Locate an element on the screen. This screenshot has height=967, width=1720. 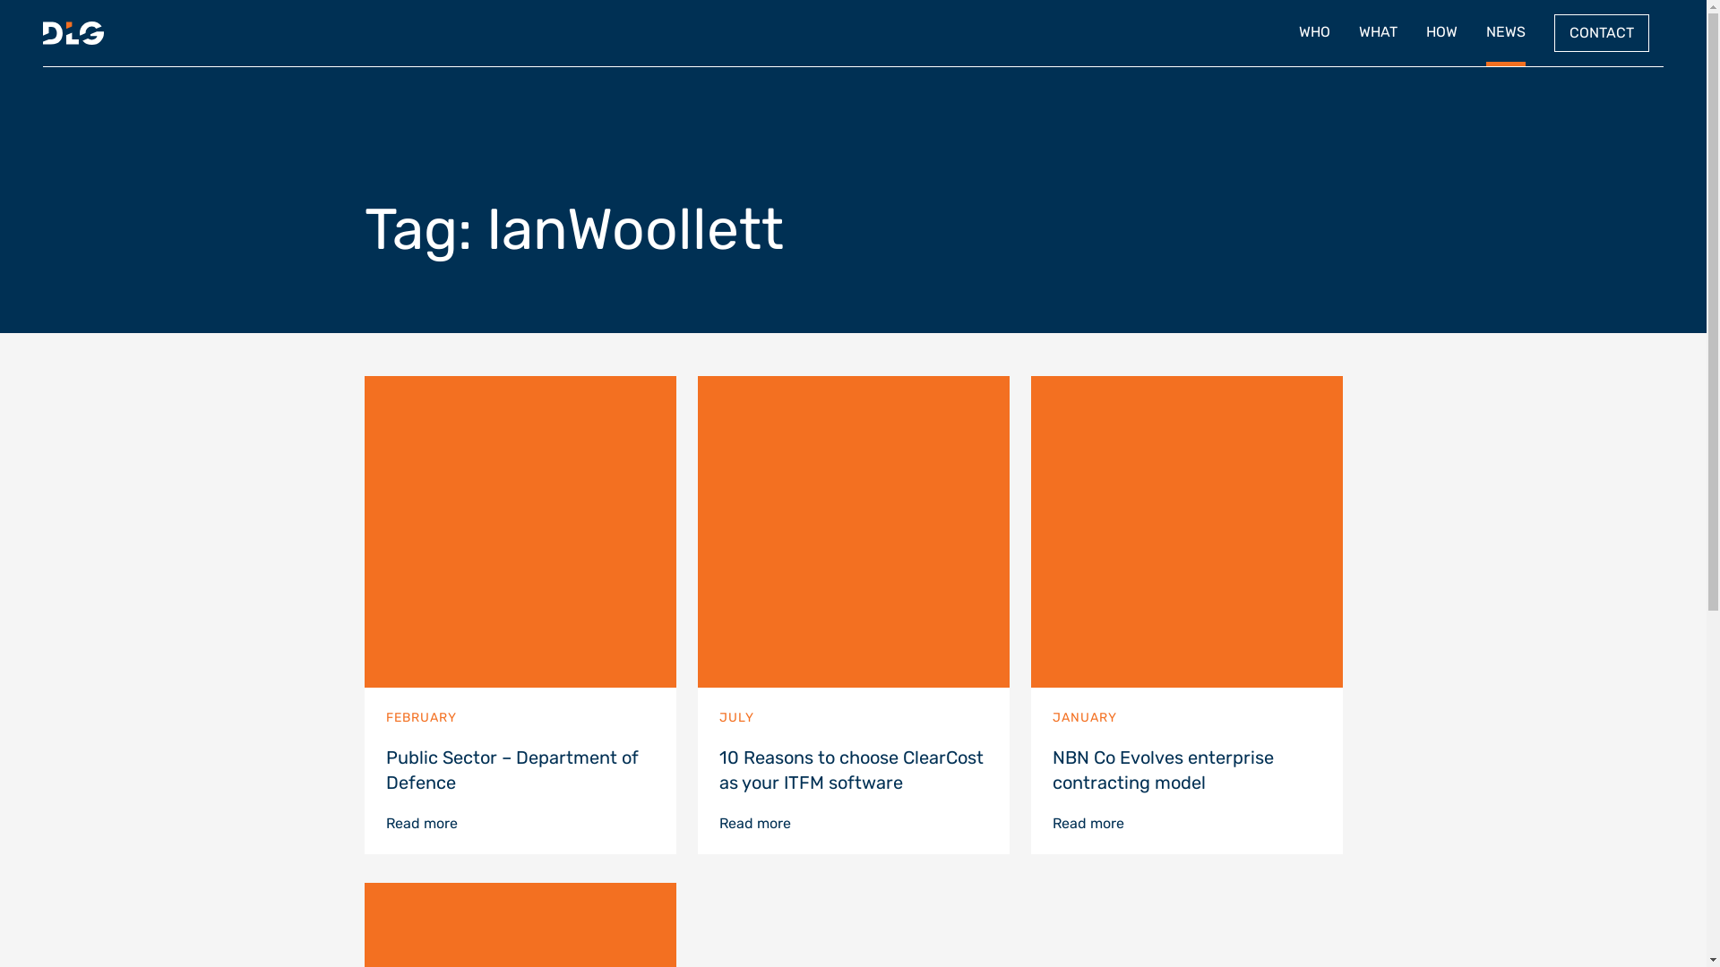
'Skip to content' is located at coordinates (1705, 0).